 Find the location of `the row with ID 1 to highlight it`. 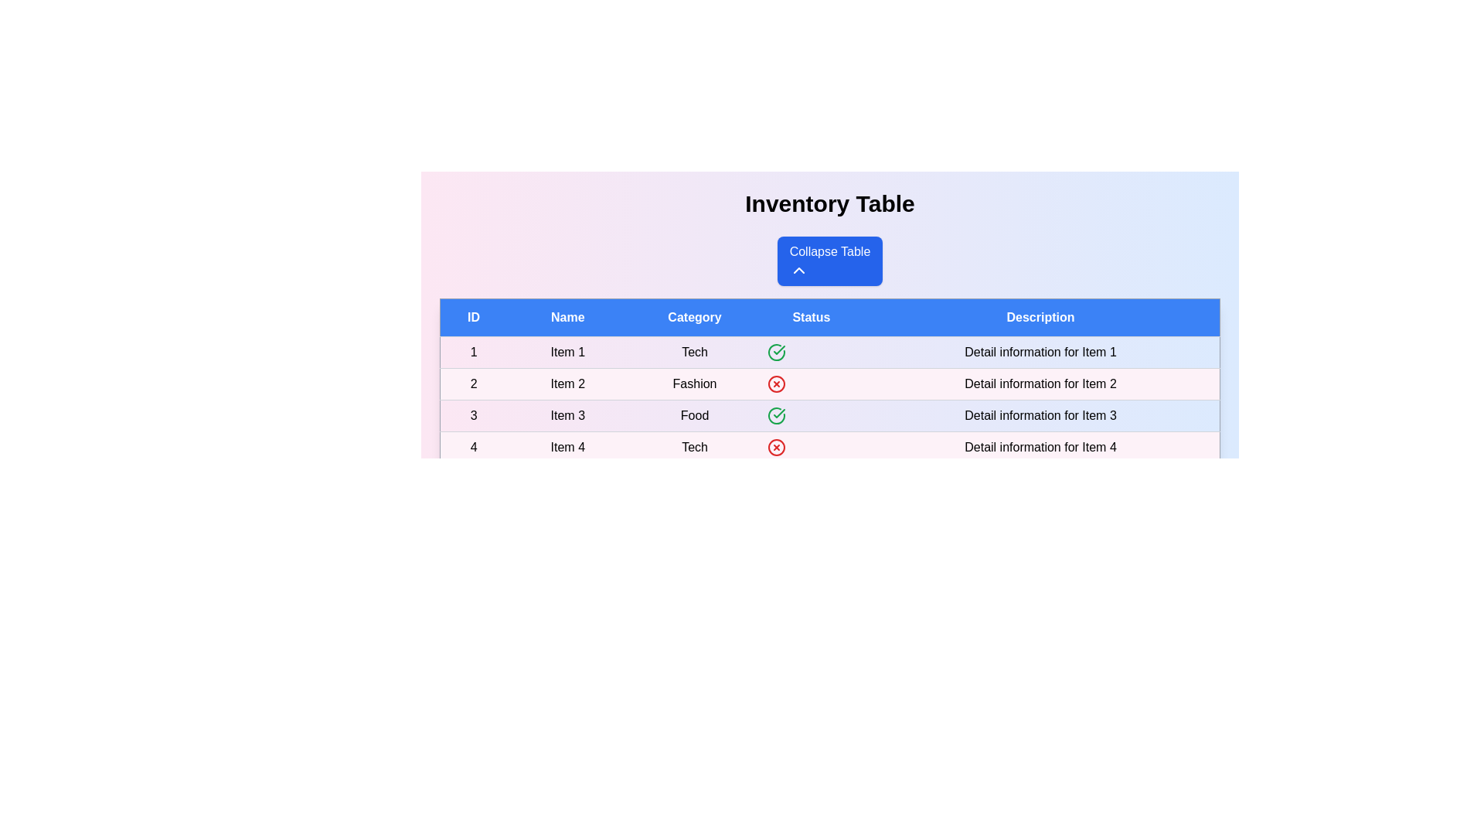

the row with ID 1 to highlight it is located at coordinates (829, 352).